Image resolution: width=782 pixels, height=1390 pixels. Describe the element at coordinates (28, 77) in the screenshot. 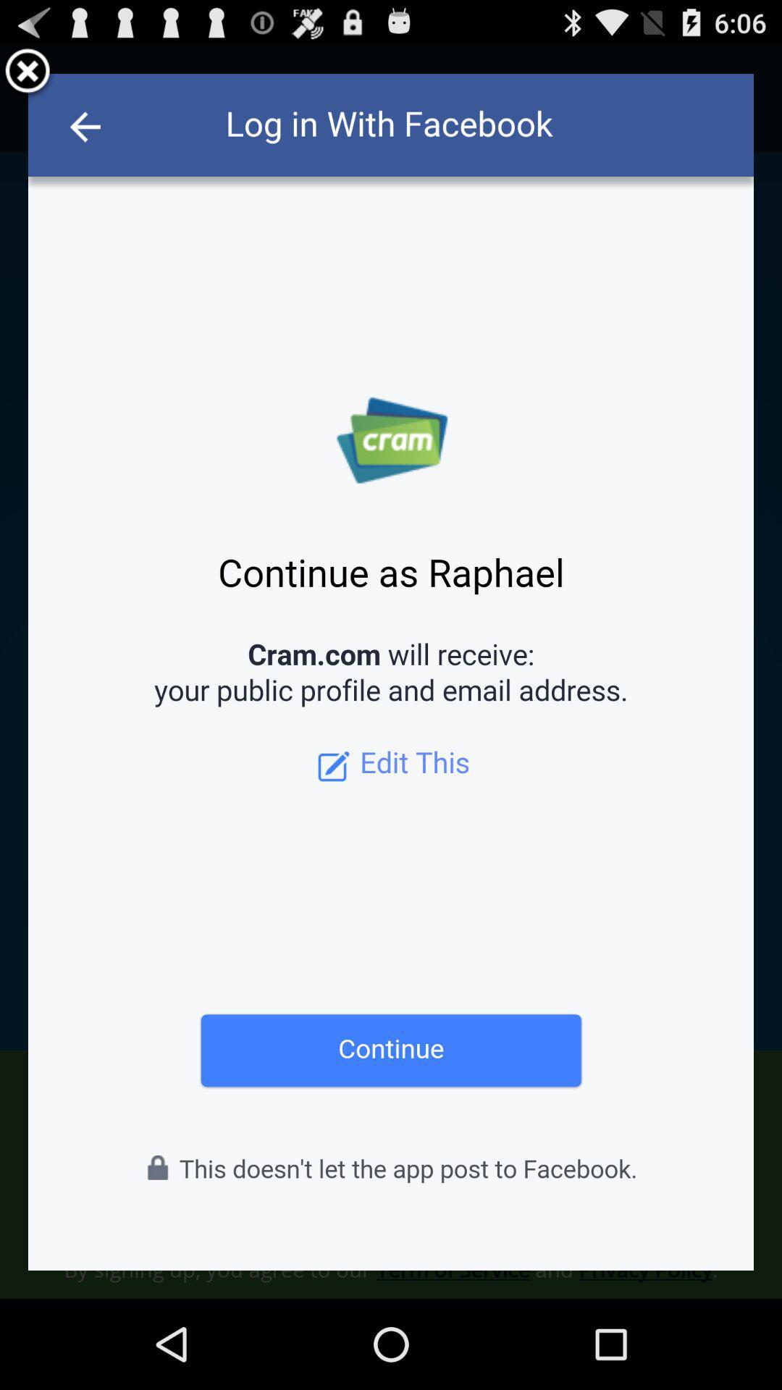

I see `the close icon` at that location.